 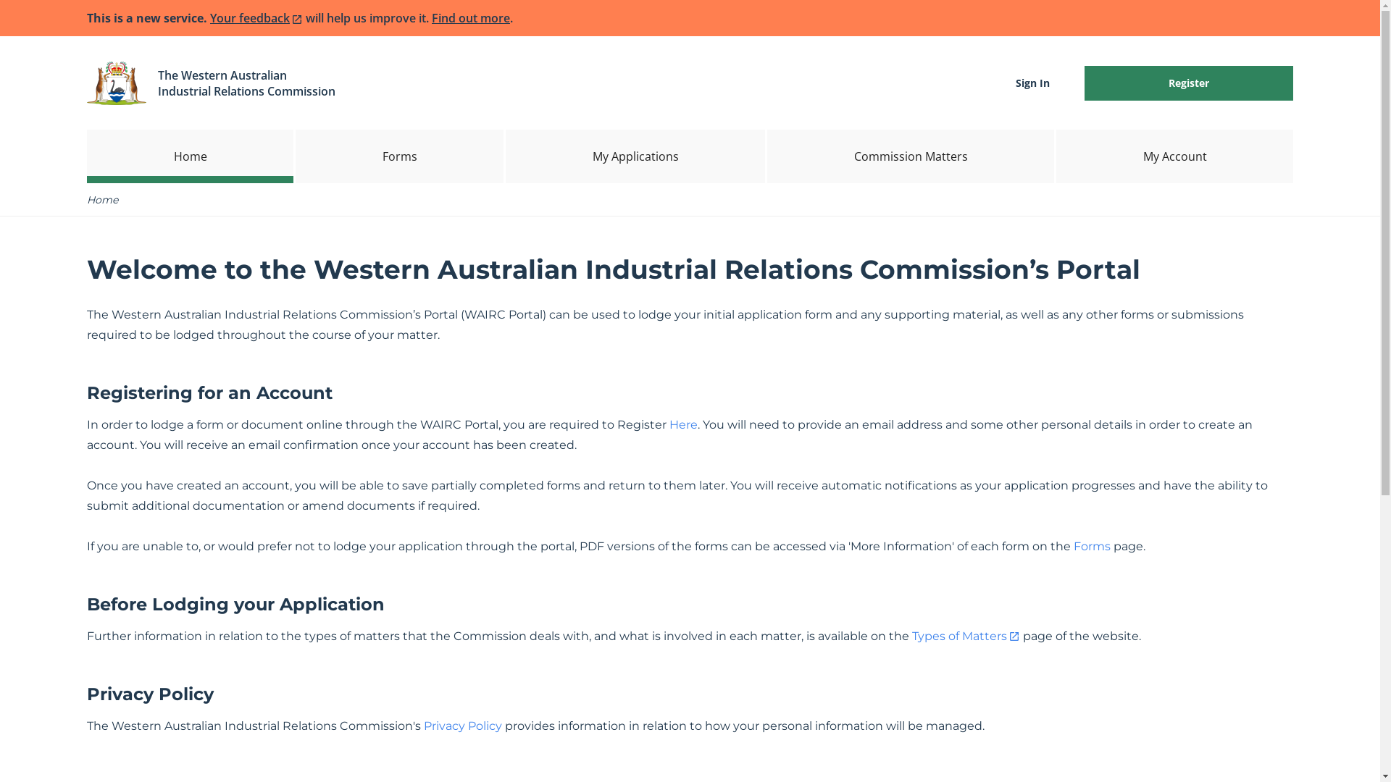 What do you see at coordinates (1174, 156) in the screenshot?
I see `'My Account'` at bounding box center [1174, 156].